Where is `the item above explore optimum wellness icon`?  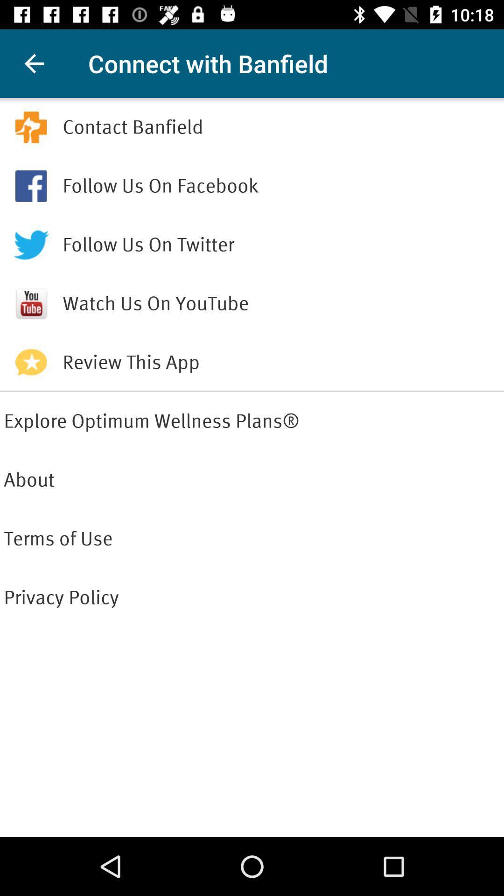
the item above explore optimum wellness icon is located at coordinates (252, 391).